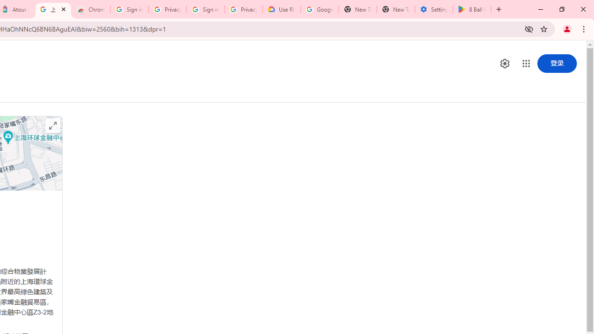 The width and height of the screenshot is (594, 334). What do you see at coordinates (395, 9) in the screenshot?
I see `'New Tab'` at bounding box center [395, 9].